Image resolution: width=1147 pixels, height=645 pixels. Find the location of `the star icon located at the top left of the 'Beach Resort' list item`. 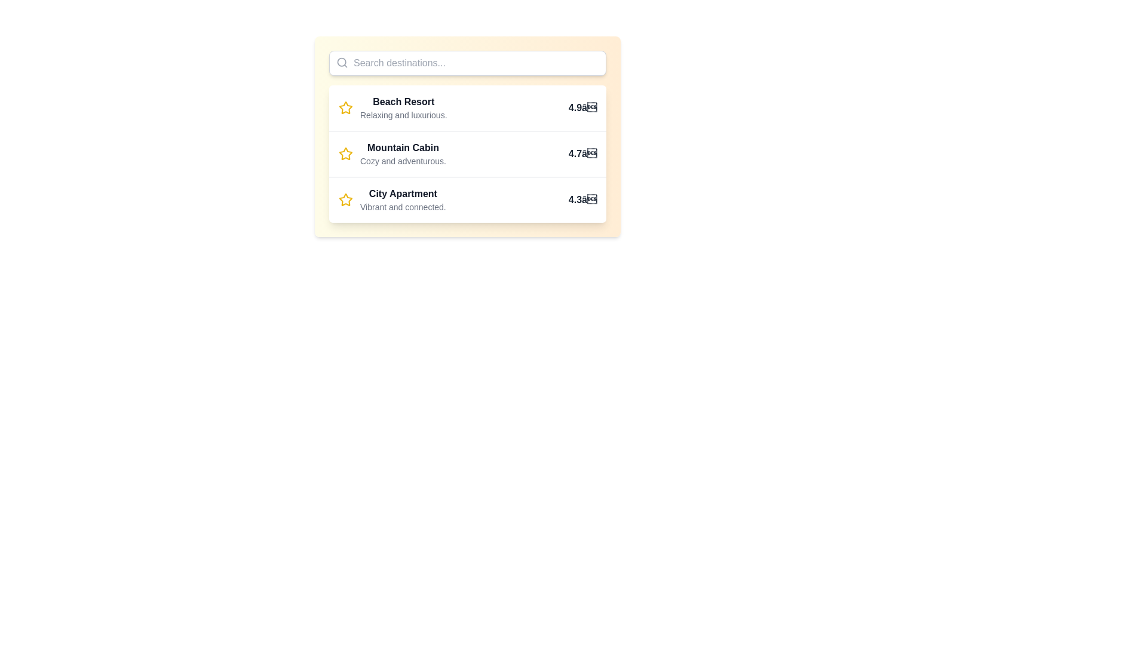

the star icon located at the top left of the 'Beach Resort' list item is located at coordinates (345, 108).